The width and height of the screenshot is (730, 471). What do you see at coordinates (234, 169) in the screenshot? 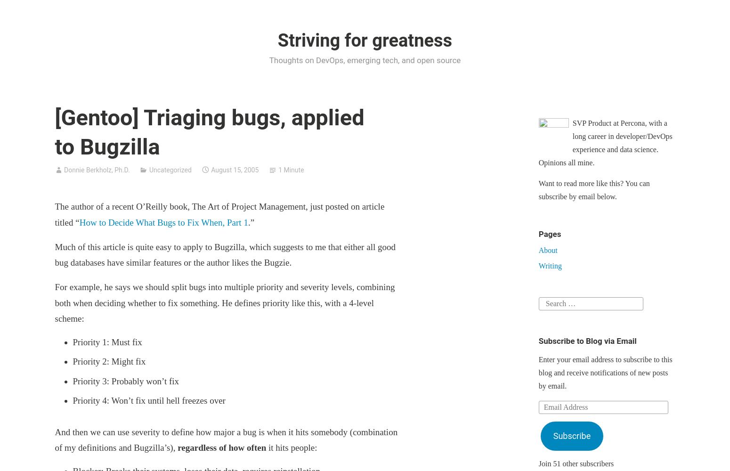
I see `'August 15, 2005'` at bounding box center [234, 169].